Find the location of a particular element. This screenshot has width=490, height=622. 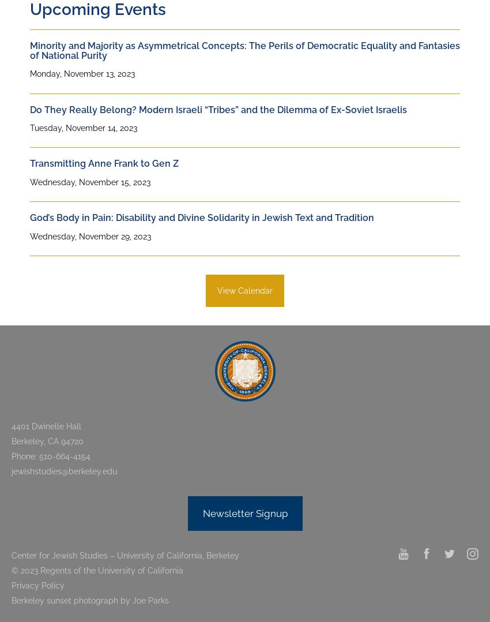

'© 2023 Regents of the University of California' is located at coordinates (97, 570).